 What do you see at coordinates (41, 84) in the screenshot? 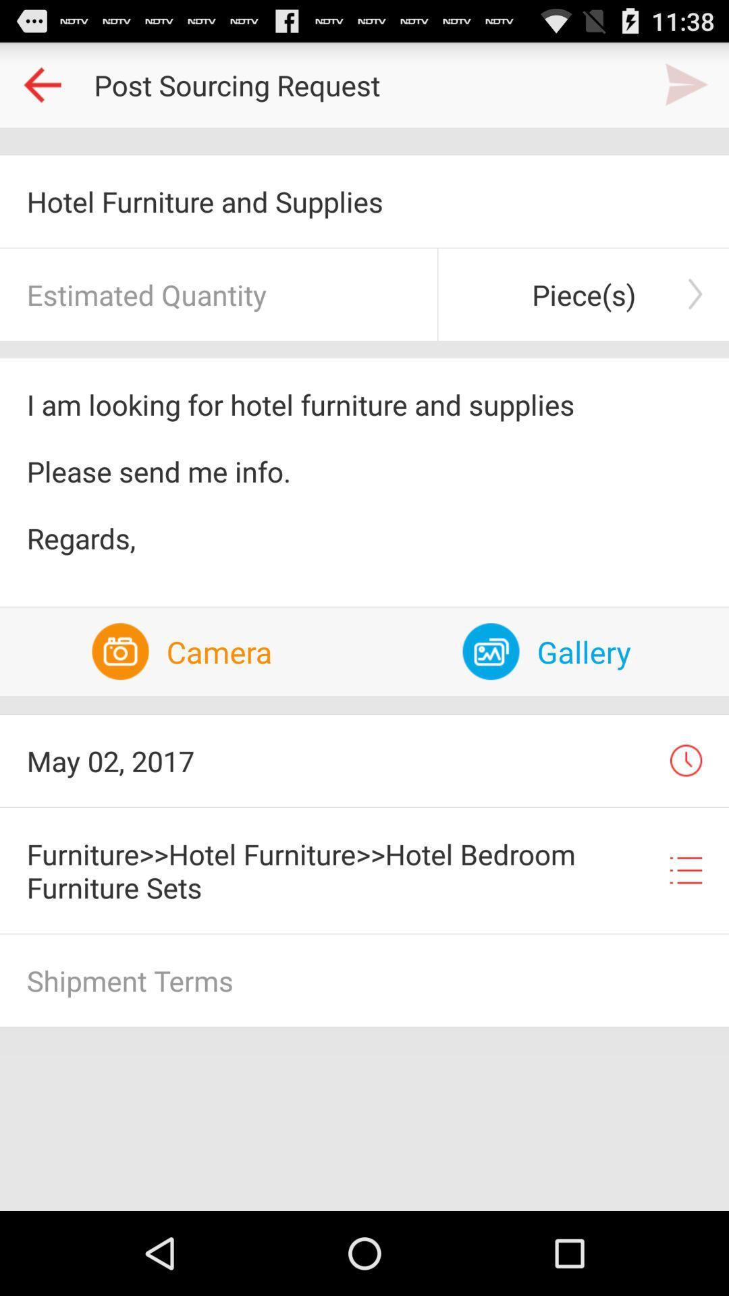
I see `go back` at bounding box center [41, 84].